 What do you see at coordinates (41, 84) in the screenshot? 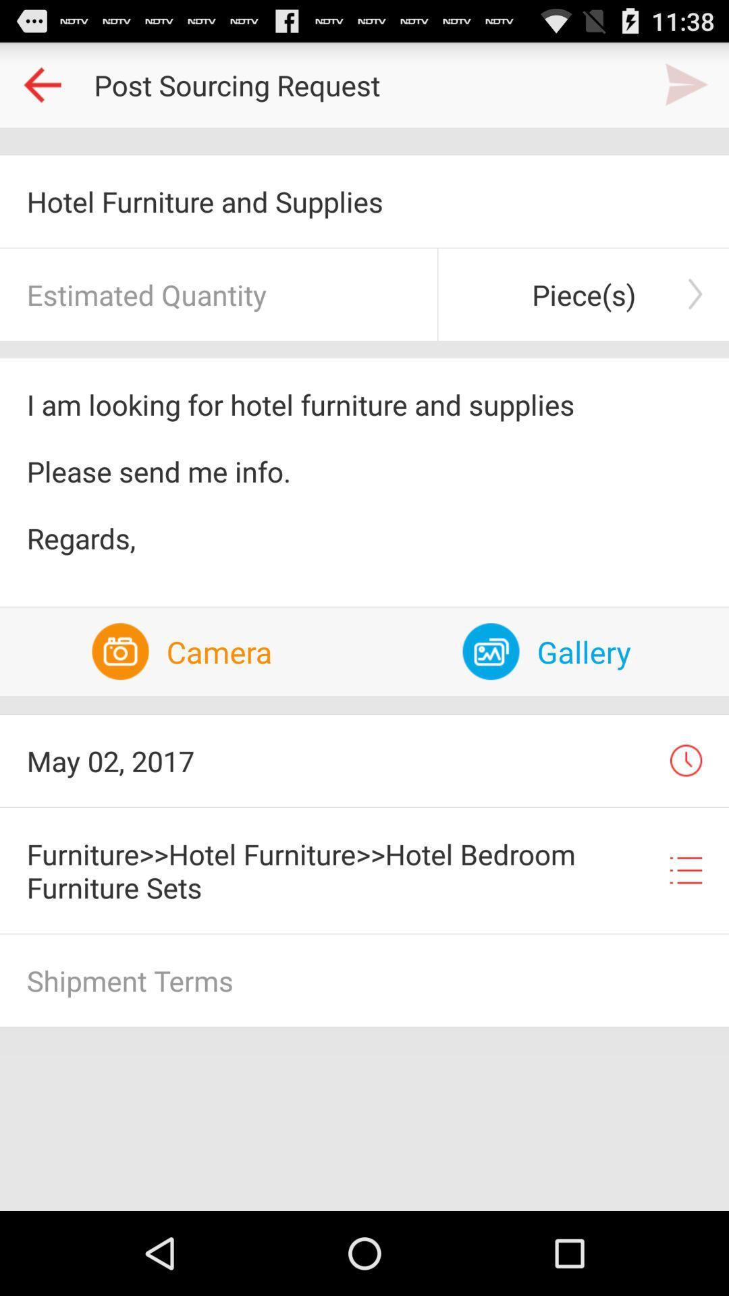
I see `go back` at bounding box center [41, 84].